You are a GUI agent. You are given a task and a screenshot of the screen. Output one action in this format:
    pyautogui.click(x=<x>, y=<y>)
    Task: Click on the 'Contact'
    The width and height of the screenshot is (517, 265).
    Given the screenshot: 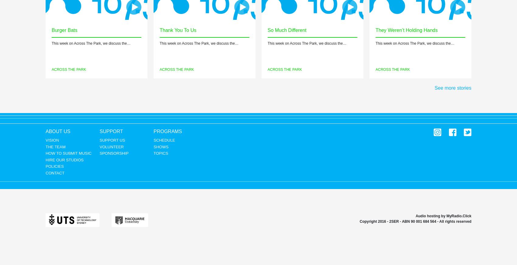 What is the action you would take?
    pyautogui.click(x=54, y=173)
    